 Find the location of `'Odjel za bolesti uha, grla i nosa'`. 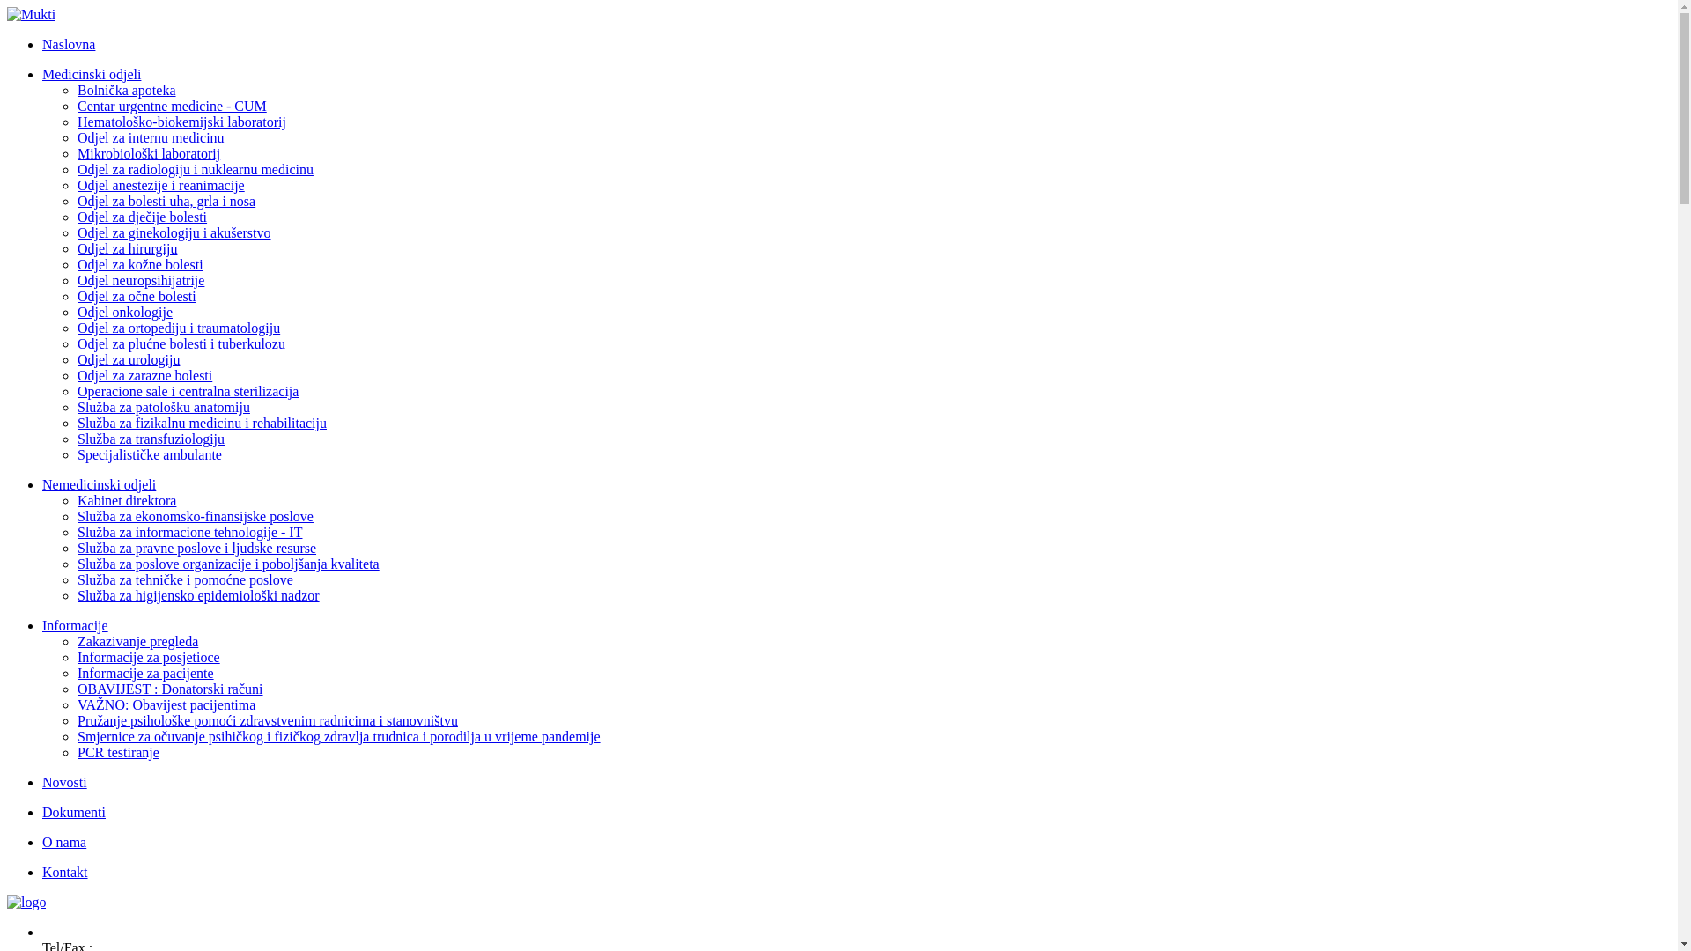

'Odjel za bolesti uha, grla i nosa' is located at coordinates (166, 200).